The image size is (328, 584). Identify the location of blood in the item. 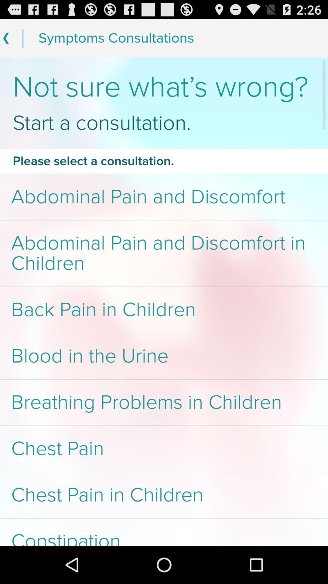
(164, 356).